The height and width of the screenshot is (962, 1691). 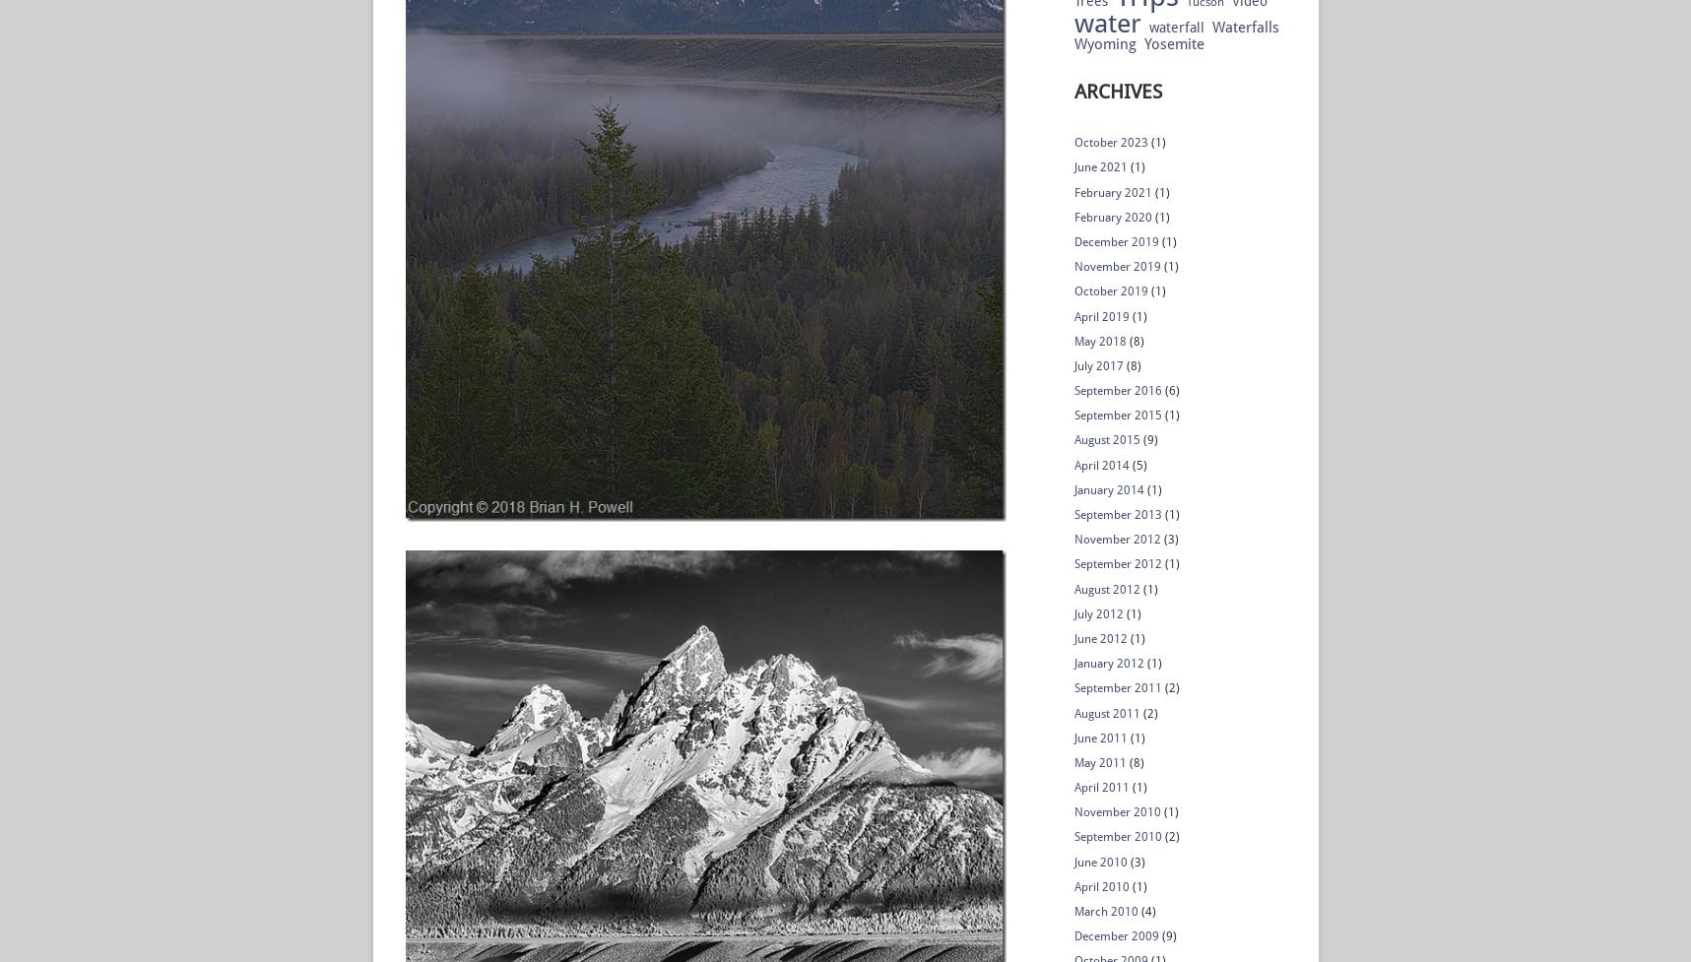 What do you see at coordinates (1106, 712) in the screenshot?
I see `'August 2011'` at bounding box center [1106, 712].